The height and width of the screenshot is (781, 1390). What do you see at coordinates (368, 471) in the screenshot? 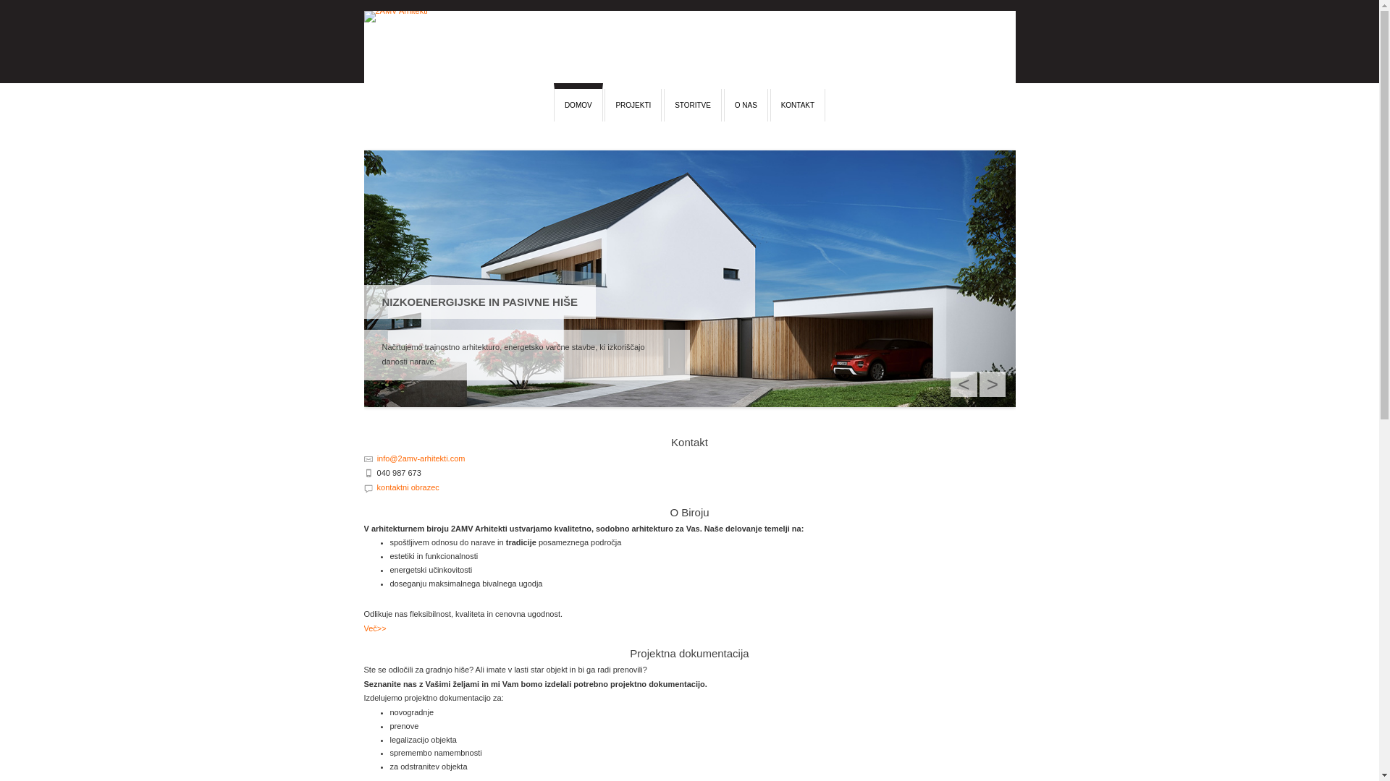
I see `'2AMV mobitel'` at bounding box center [368, 471].